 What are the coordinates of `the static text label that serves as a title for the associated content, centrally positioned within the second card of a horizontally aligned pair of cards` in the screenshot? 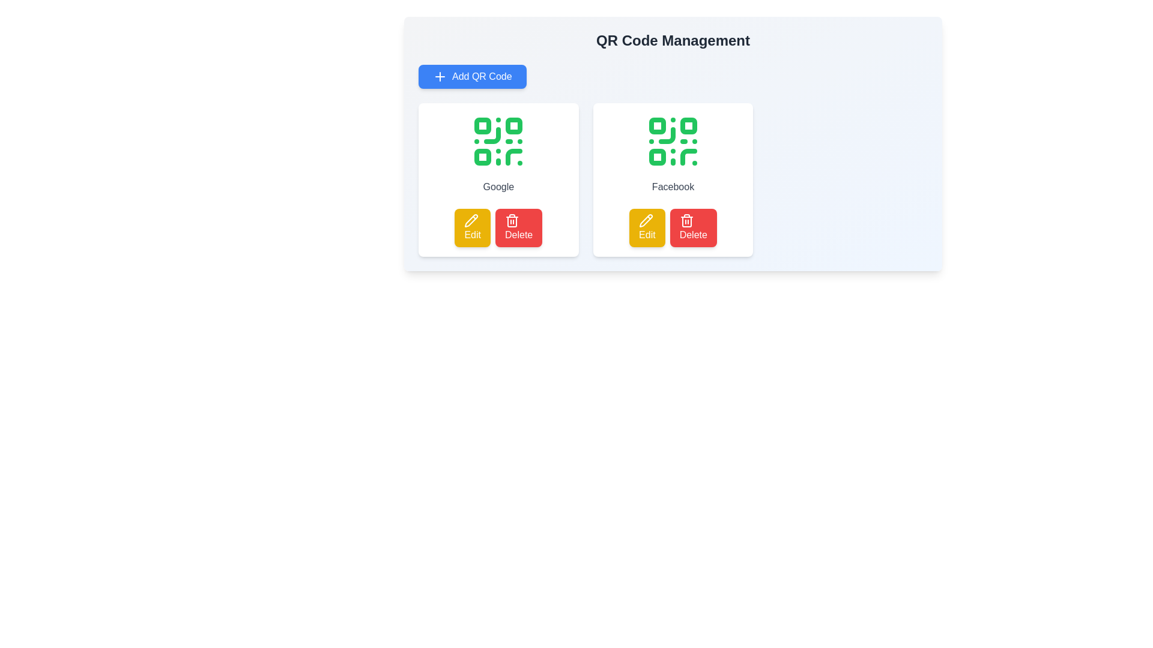 It's located at (673, 187).